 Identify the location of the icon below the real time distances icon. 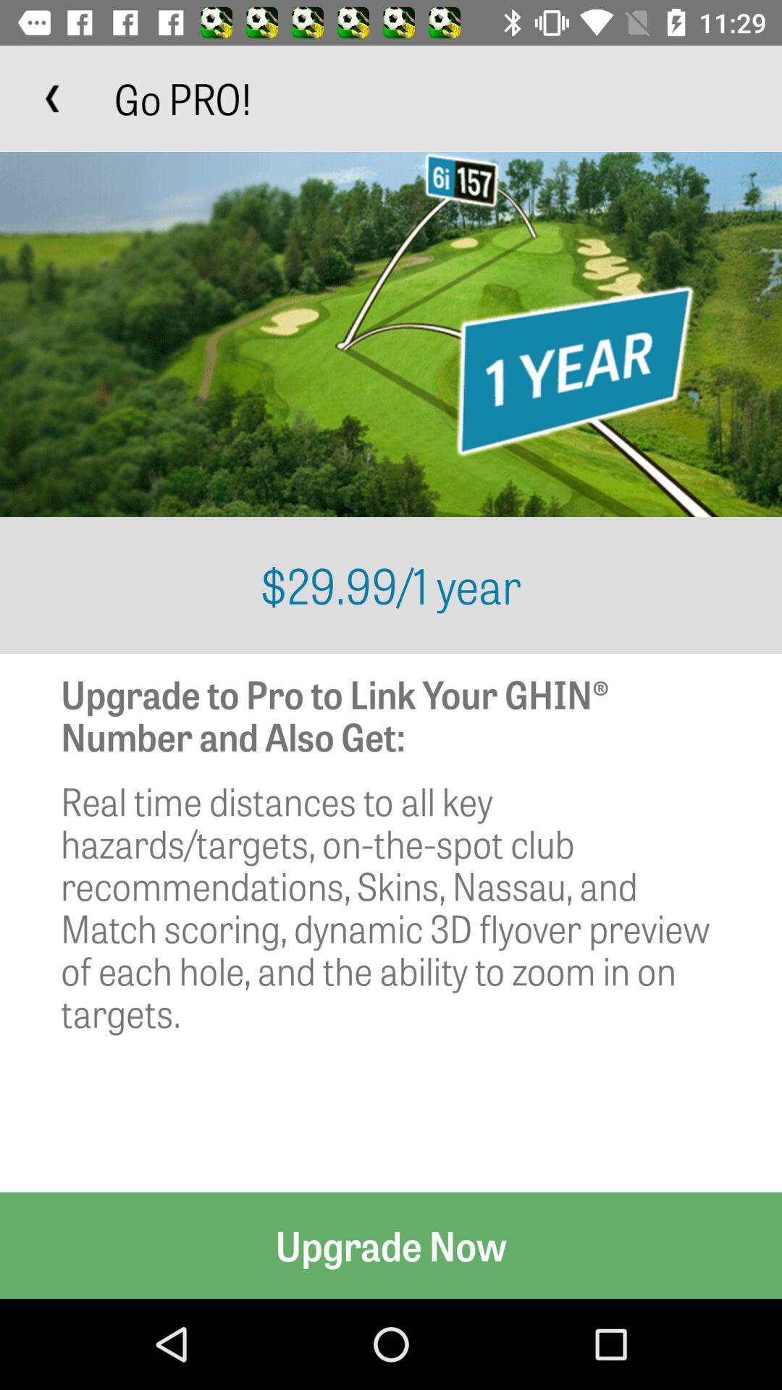
(391, 1244).